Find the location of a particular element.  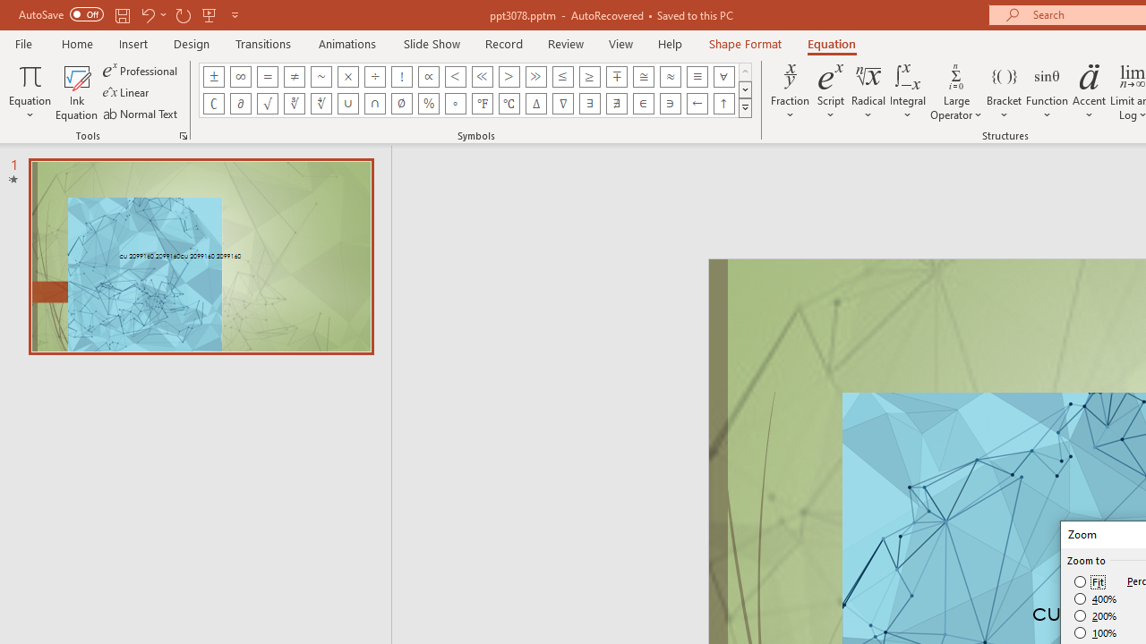

'Equation Symbol Degrees' is located at coordinates (455, 103).